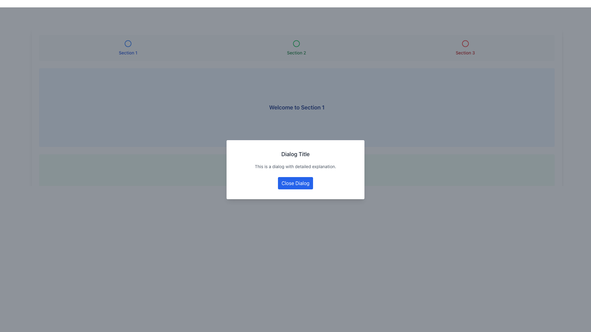 The height and width of the screenshot is (332, 591). What do you see at coordinates (295, 167) in the screenshot?
I see `the text label that says 'This is a dialog with detailed explanation.' which is located in the center of the dialog box, between the title 'Dialog Title' and the 'Close Dialog' button` at bounding box center [295, 167].